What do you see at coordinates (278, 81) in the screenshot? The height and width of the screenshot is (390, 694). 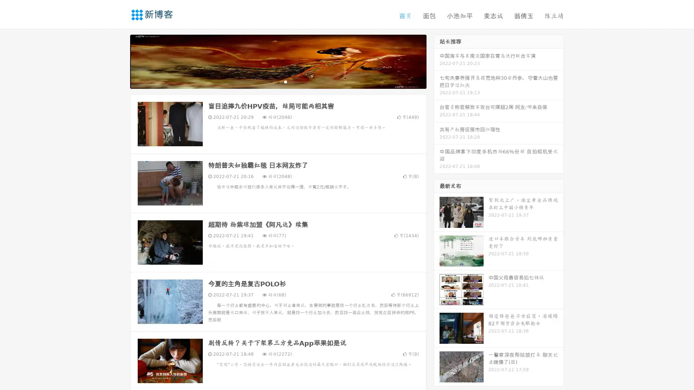 I see `Go to slide 2` at bounding box center [278, 81].